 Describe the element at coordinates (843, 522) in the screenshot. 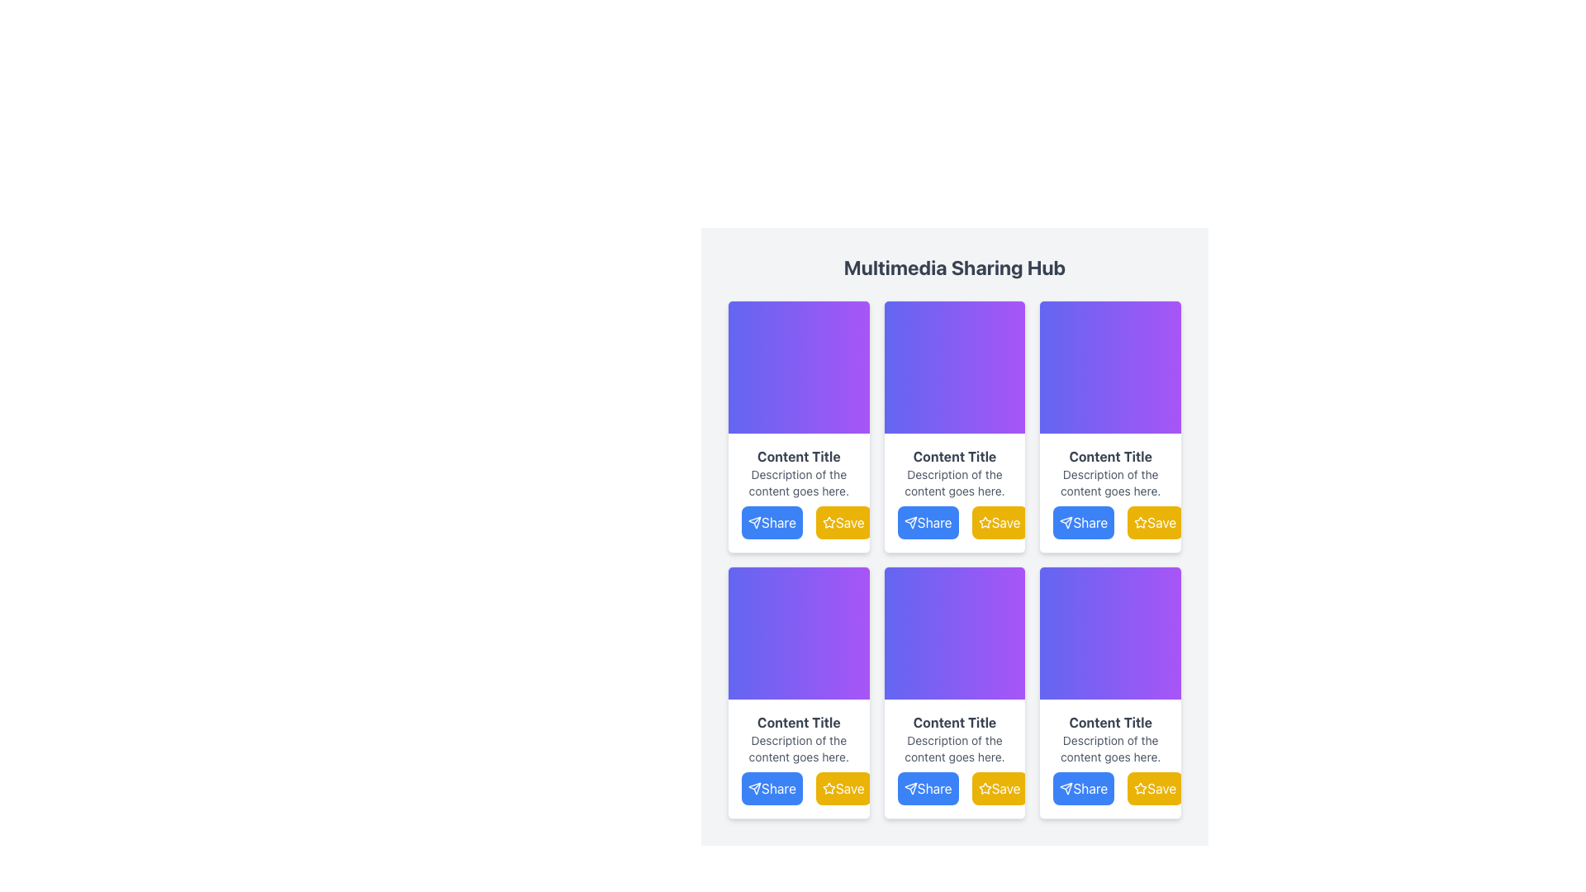

I see `the Save button located directly below the second purple panel in the top-middle row` at that location.